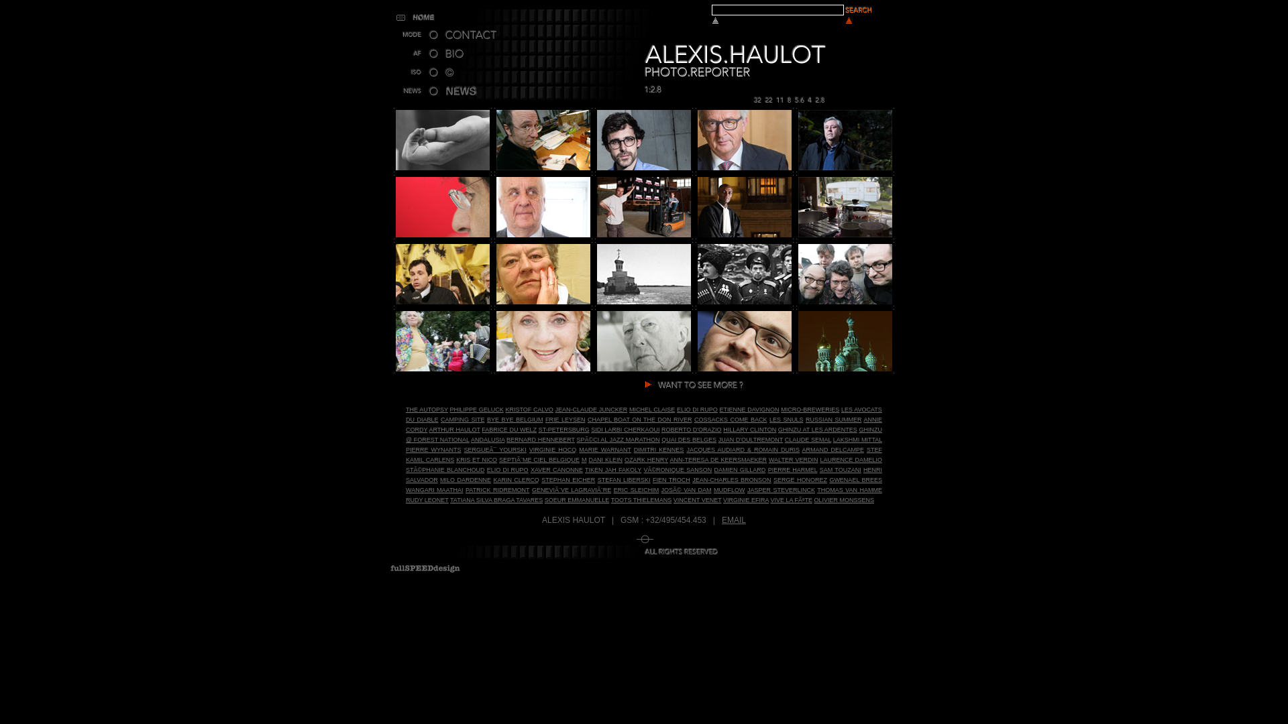 The height and width of the screenshot is (724, 1288). Describe the element at coordinates (641, 499) in the screenshot. I see `'TOOTS THIELEMANS'` at that location.